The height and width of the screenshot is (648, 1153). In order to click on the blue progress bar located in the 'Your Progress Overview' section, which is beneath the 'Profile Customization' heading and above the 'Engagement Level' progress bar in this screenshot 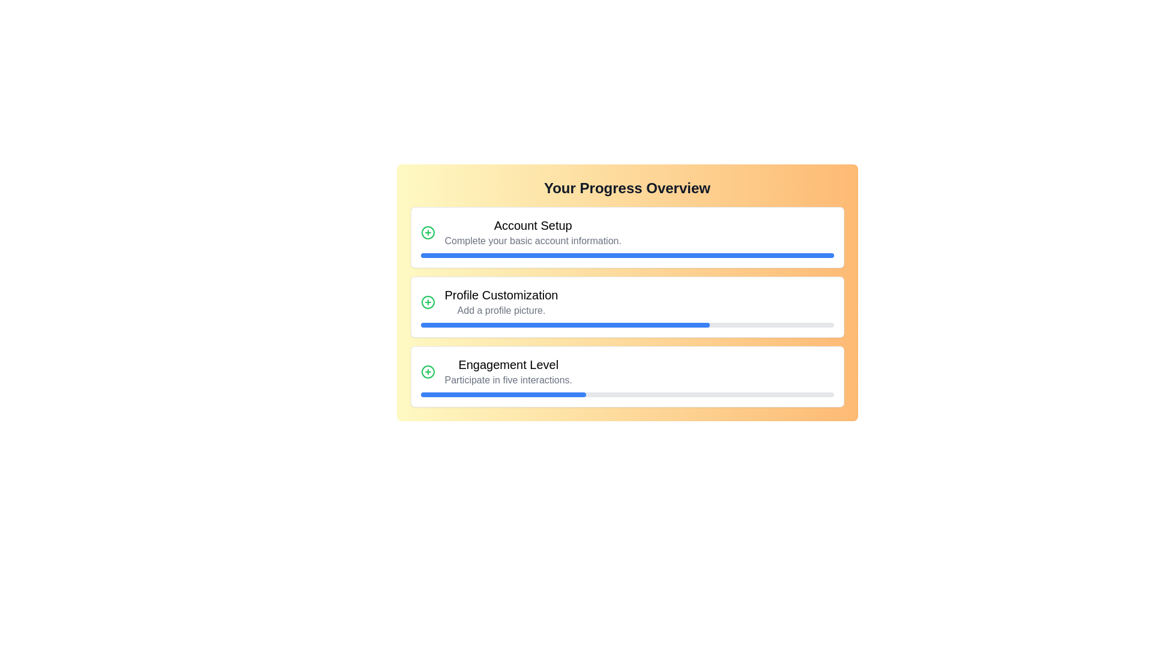, I will do `click(564, 325)`.